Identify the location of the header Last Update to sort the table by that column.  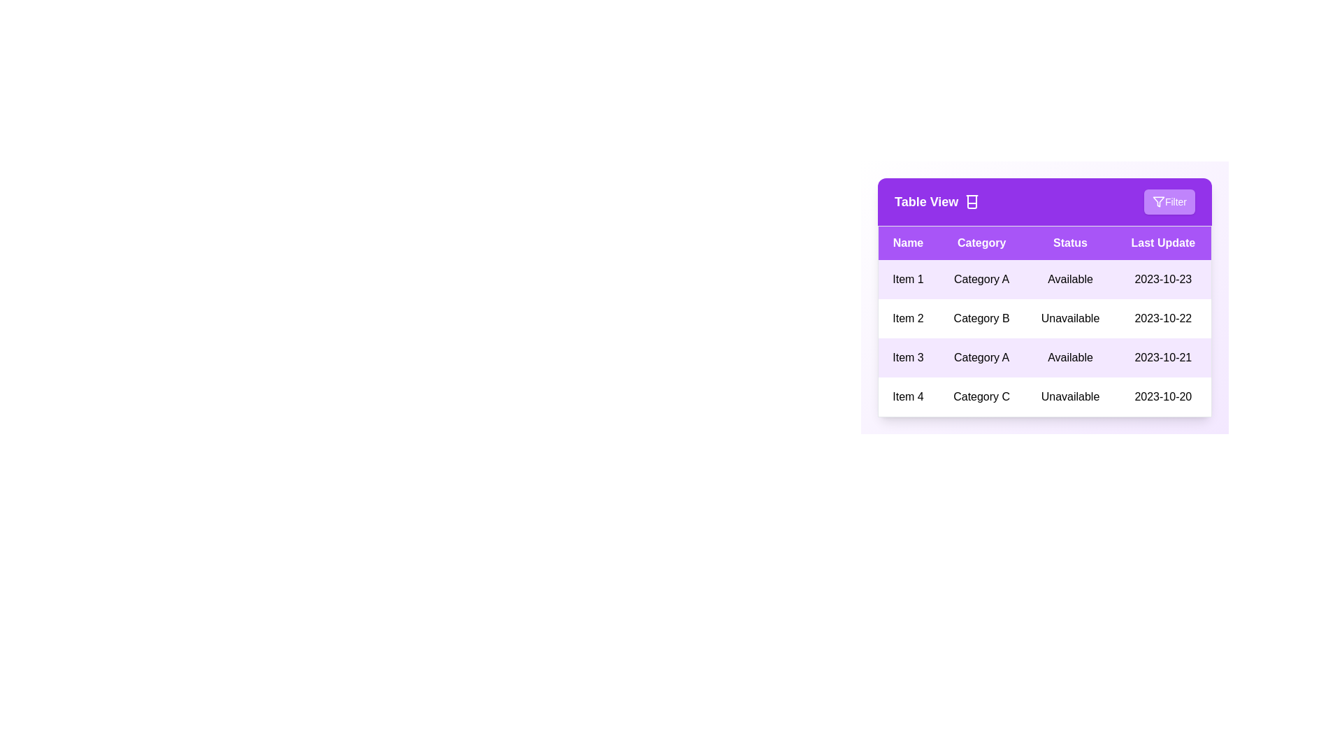
(1163, 242).